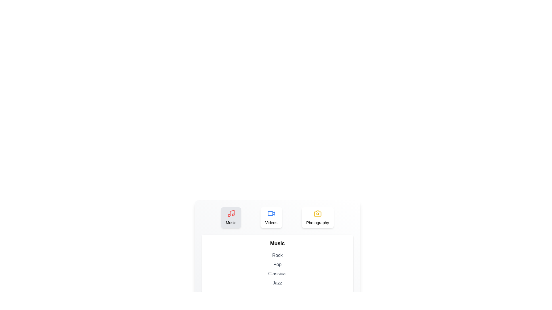 The height and width of the screenshot is (310, 552). I want to click on the tab labeled Photography to see its hover effect, so click(317, 218).